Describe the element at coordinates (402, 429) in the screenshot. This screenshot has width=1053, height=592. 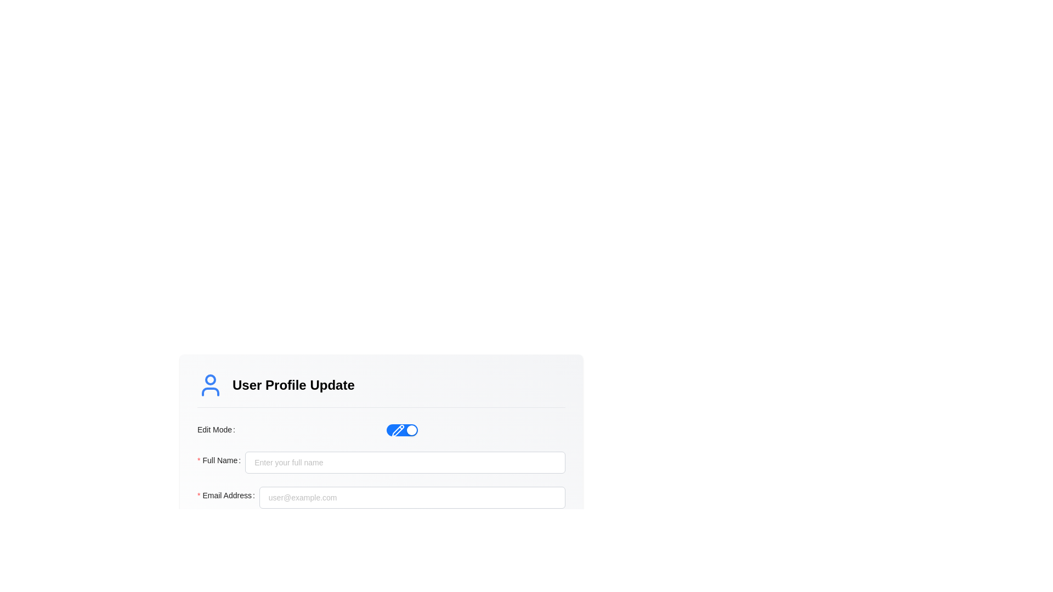
I see `the blue toggle switch with a pencil icon on the left, indicating 'Edit Mode'` at that location.